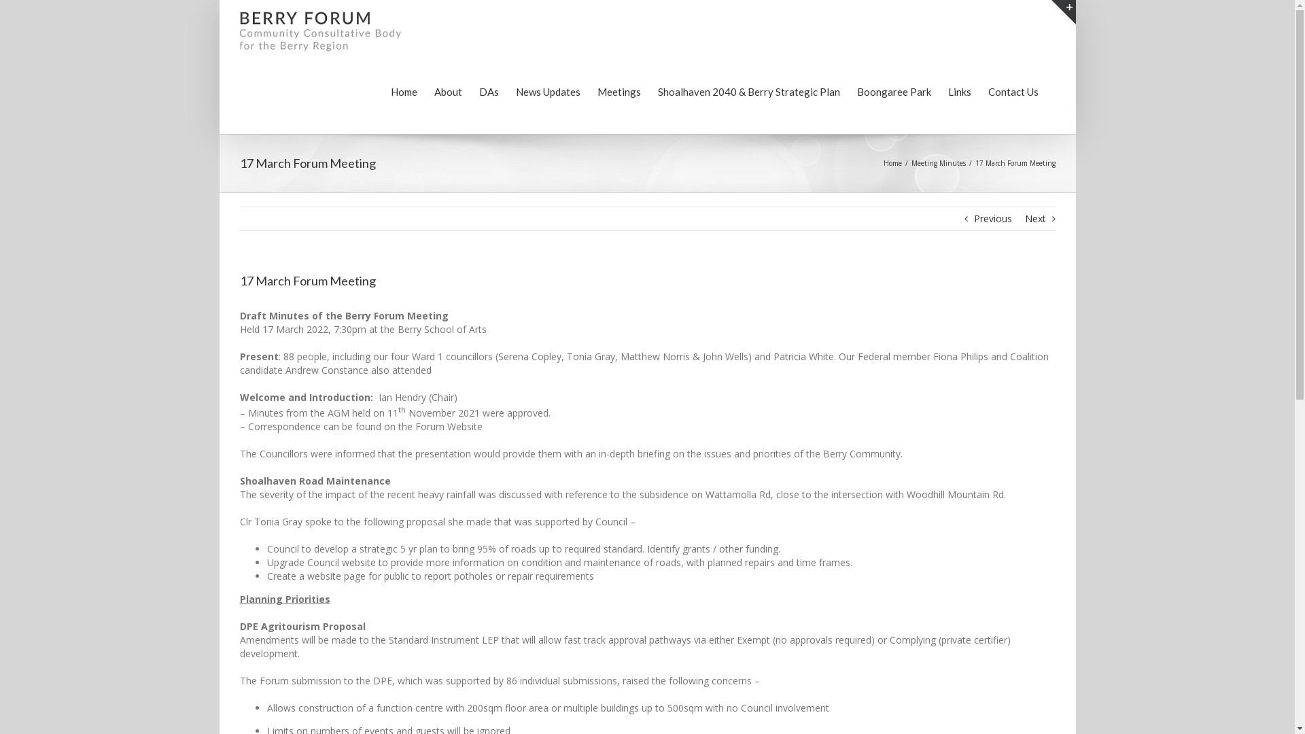 Image resolution: width=1305 pixels, height=734 pixels. Describe the element at coordinates (447, 91) in the screenshot. I see `'About'` at that location.